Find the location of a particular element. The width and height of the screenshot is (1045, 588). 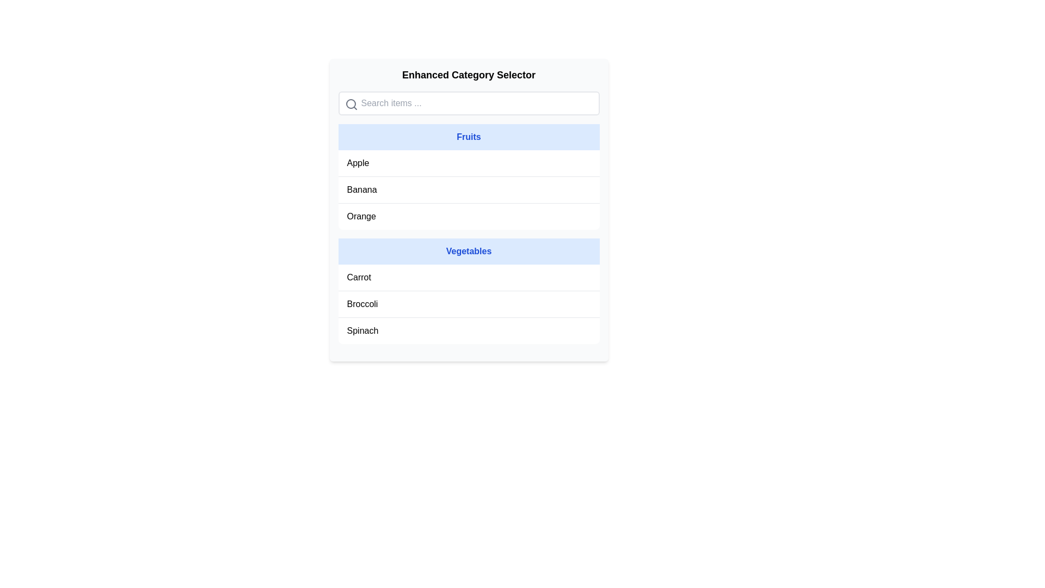

the static text label representing the 'Apple' category item, which is the topmost item in the 'Fruits' section of the category selector interface is located at coordinates (358, 163).